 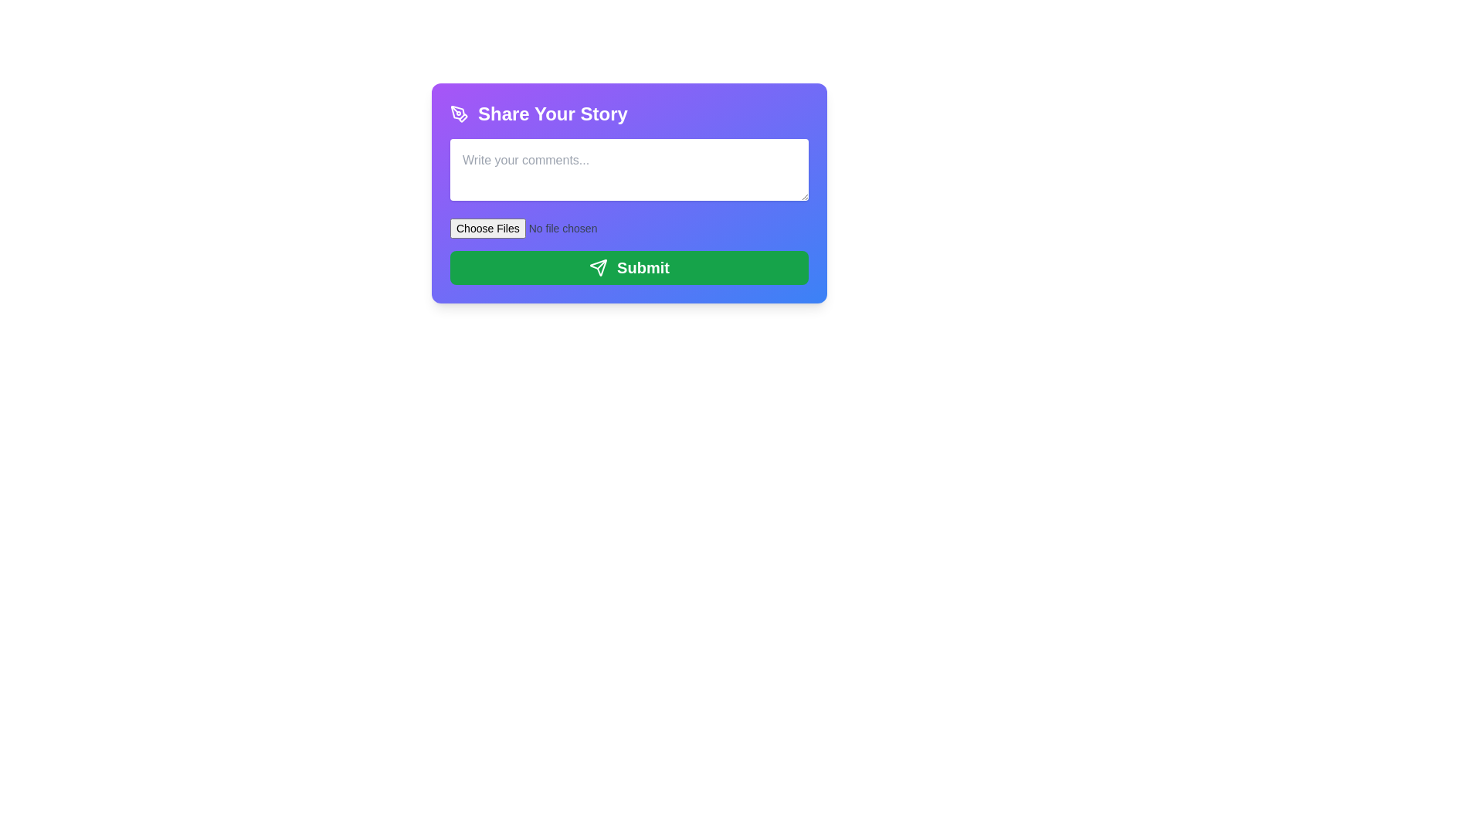 What do you see at coordinates (598, 267) in the screenshot?
I see `the submit icon located to the left of the 'Submit' button` at bounding box center [598, 267].